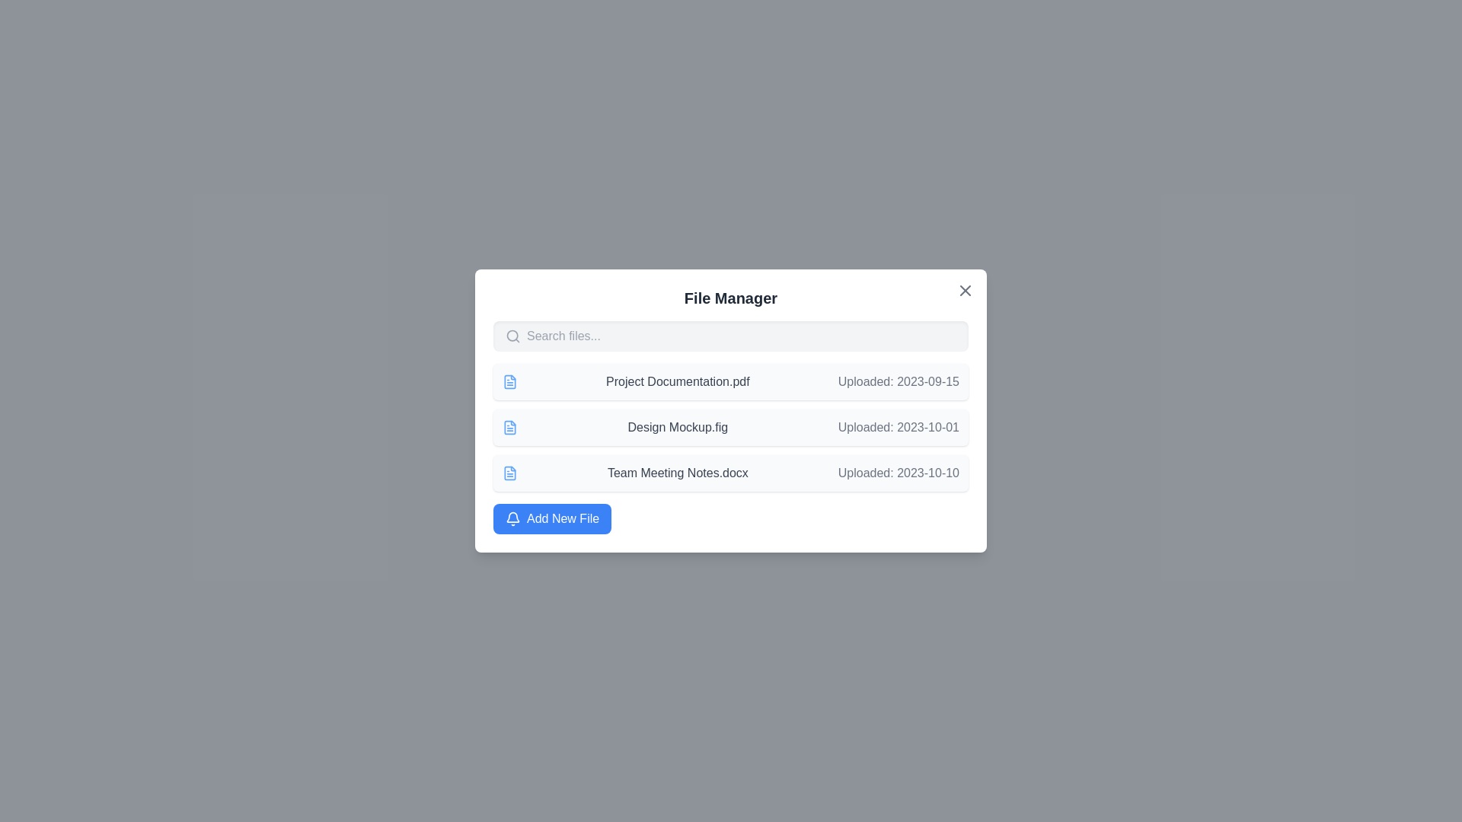 Image resolution: width=1462 pixels, height=822 pixels. What do you see at coordinates (551, 518) in the screenshot?
I see `the 'Add New File' button` at bounding box center [551, 518].